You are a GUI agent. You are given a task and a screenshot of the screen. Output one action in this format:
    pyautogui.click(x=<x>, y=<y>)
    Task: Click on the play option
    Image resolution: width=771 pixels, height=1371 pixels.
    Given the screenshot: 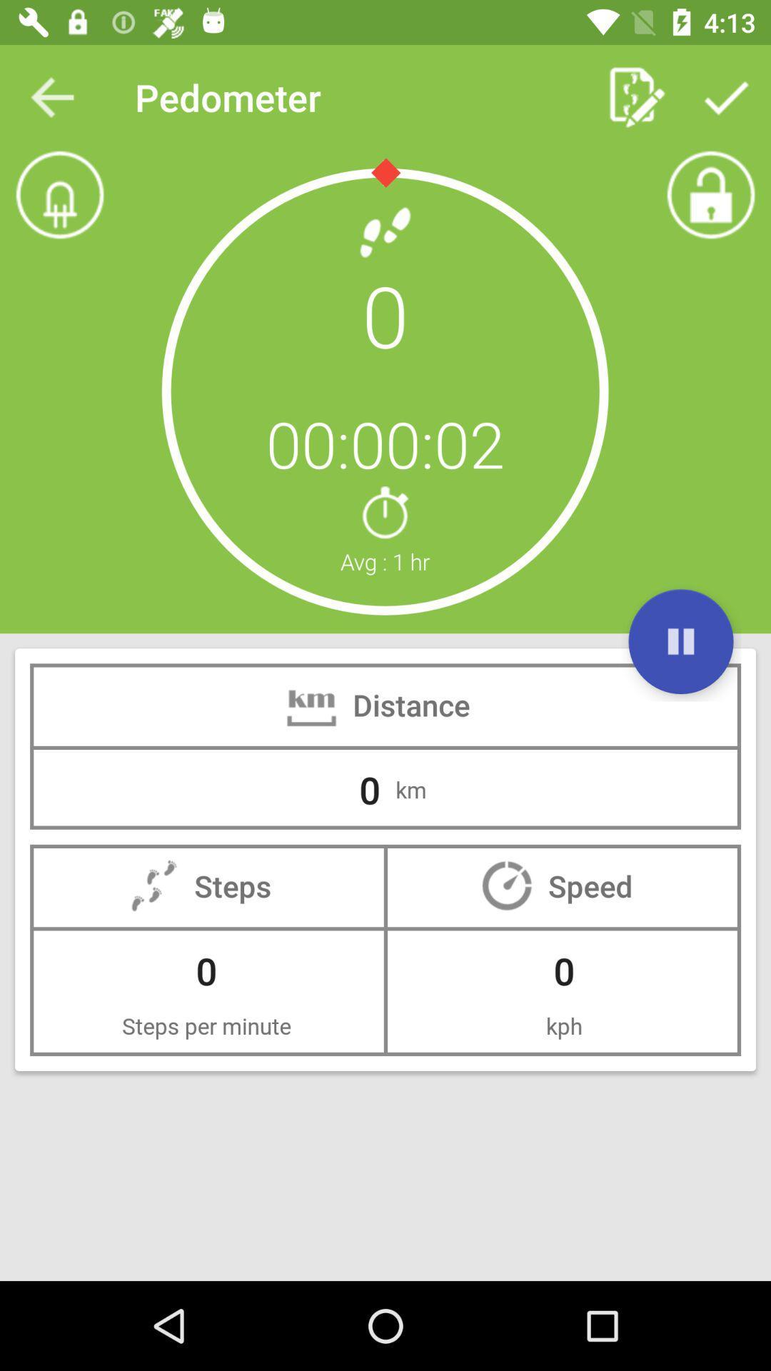 What is the action you would take?
    pyautogui.click(x=680, y=641)
    